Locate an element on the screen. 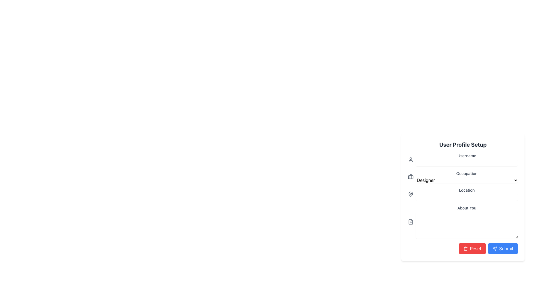 Image resolution: width=534 pixels, height=300 pixels. the sending action icon located on the right side of the blue 'Submit' button at the bottom-right of the form layout is located at coordinates (495, 248).